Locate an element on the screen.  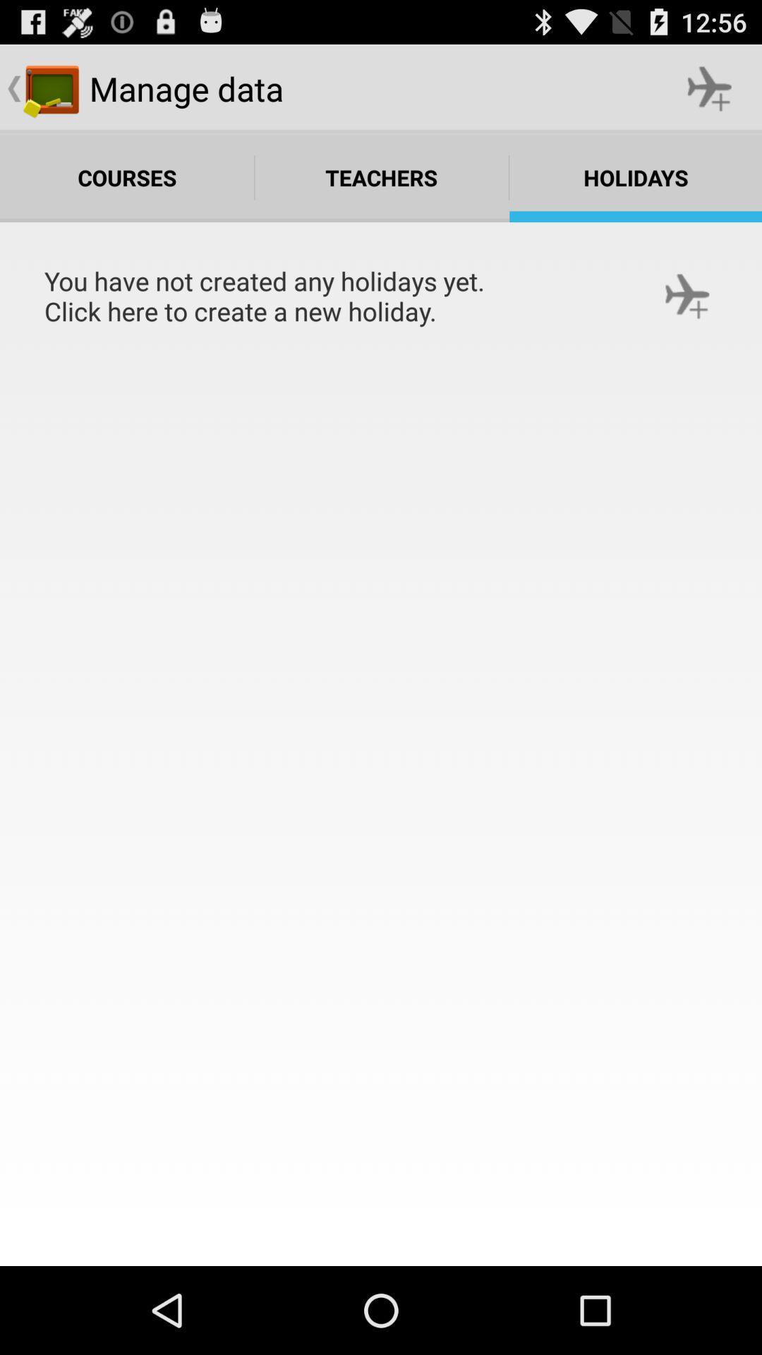
the item to the right of manage data app is located at coordinates (710, 88).